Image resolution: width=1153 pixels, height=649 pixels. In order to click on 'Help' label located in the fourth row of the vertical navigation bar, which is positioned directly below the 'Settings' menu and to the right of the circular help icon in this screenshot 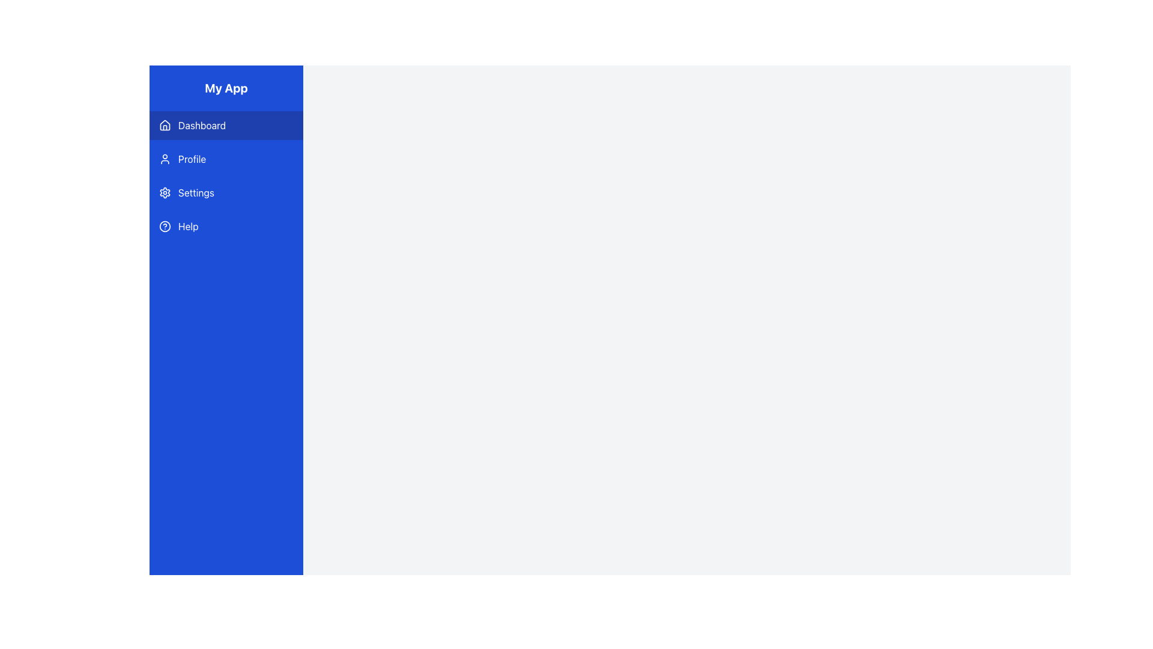, I will do `click(187, 227)`.